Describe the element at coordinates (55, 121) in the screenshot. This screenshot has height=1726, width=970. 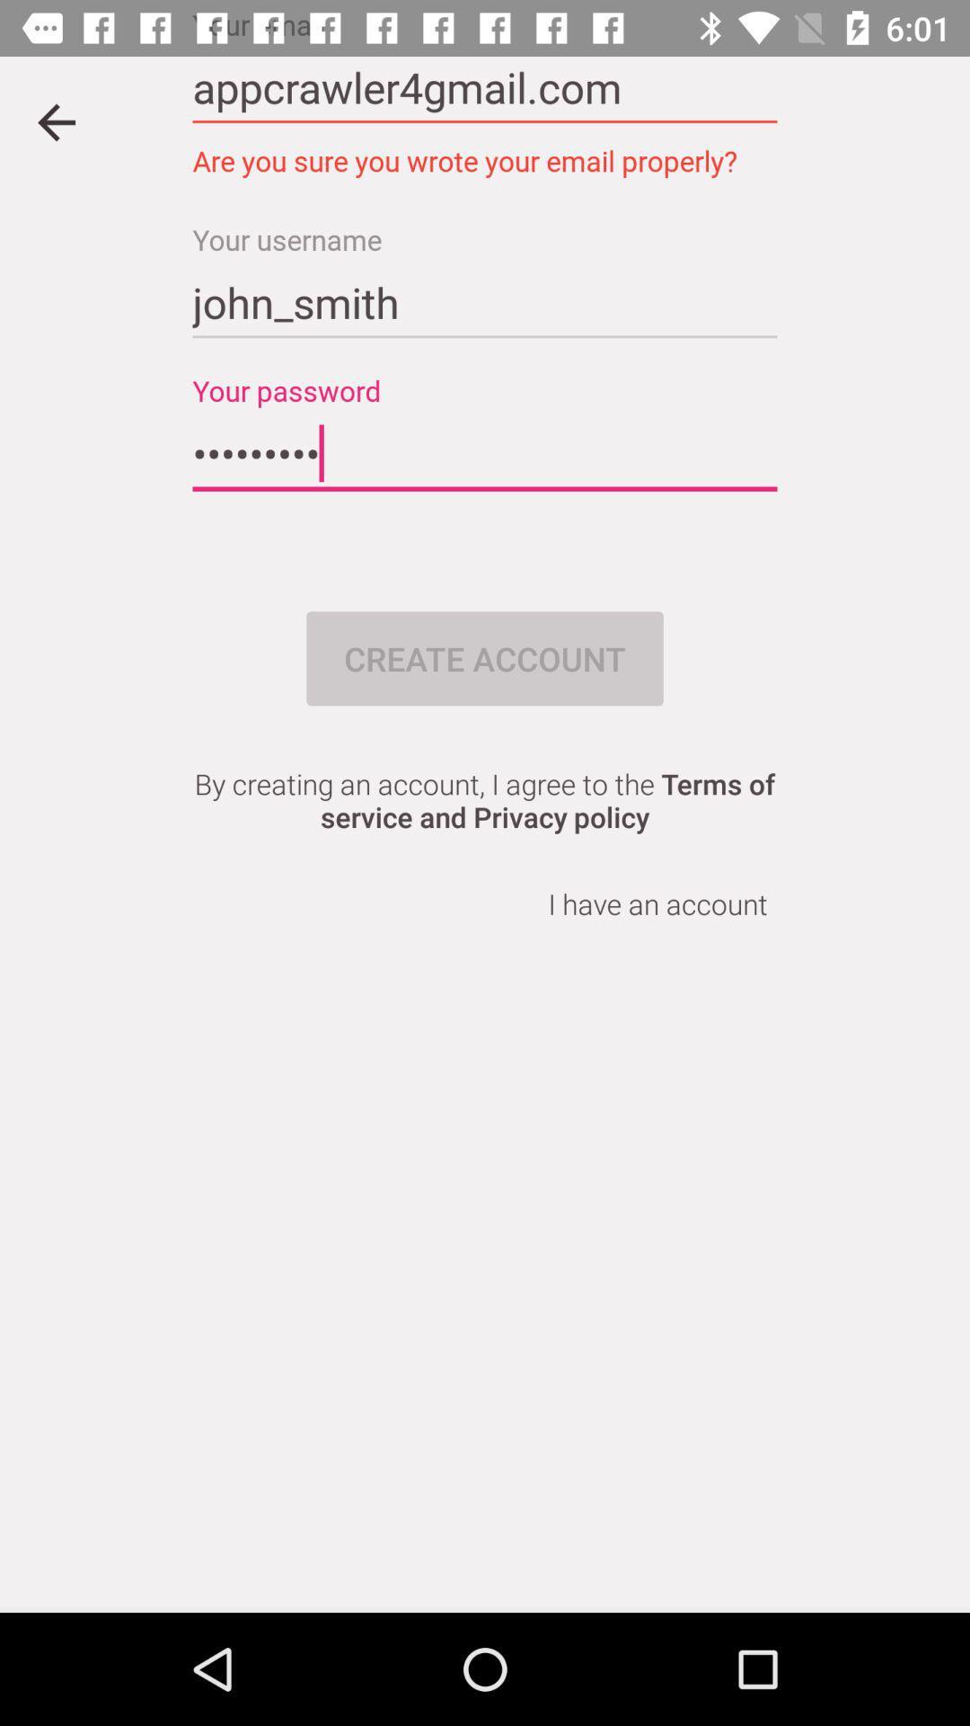
I see `the arrow_backward icon` at that location.